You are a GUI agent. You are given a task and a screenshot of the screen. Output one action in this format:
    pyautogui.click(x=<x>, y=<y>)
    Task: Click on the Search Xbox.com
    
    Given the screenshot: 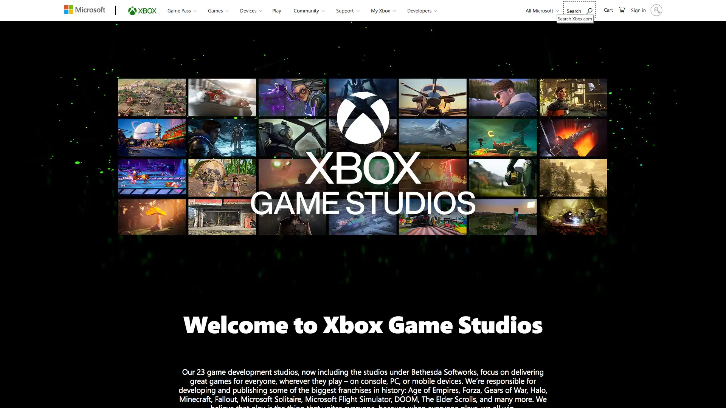 What is the action you would take?
    pyautogui.click(x=579, y=9)
    